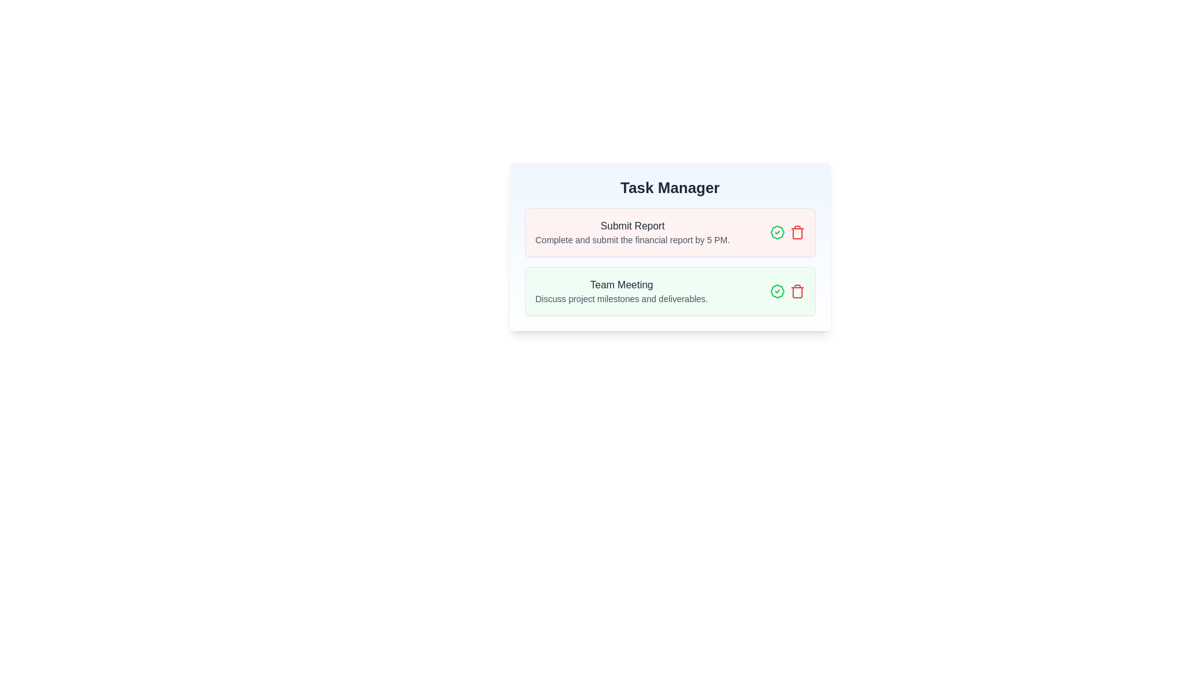 This screenshot has width=1203, height=677. I want to click on the decorative graphical icon with a green border and white fill, located adjacent to the text of the second task item below the 'Submit Report' task, so click(776, 291).